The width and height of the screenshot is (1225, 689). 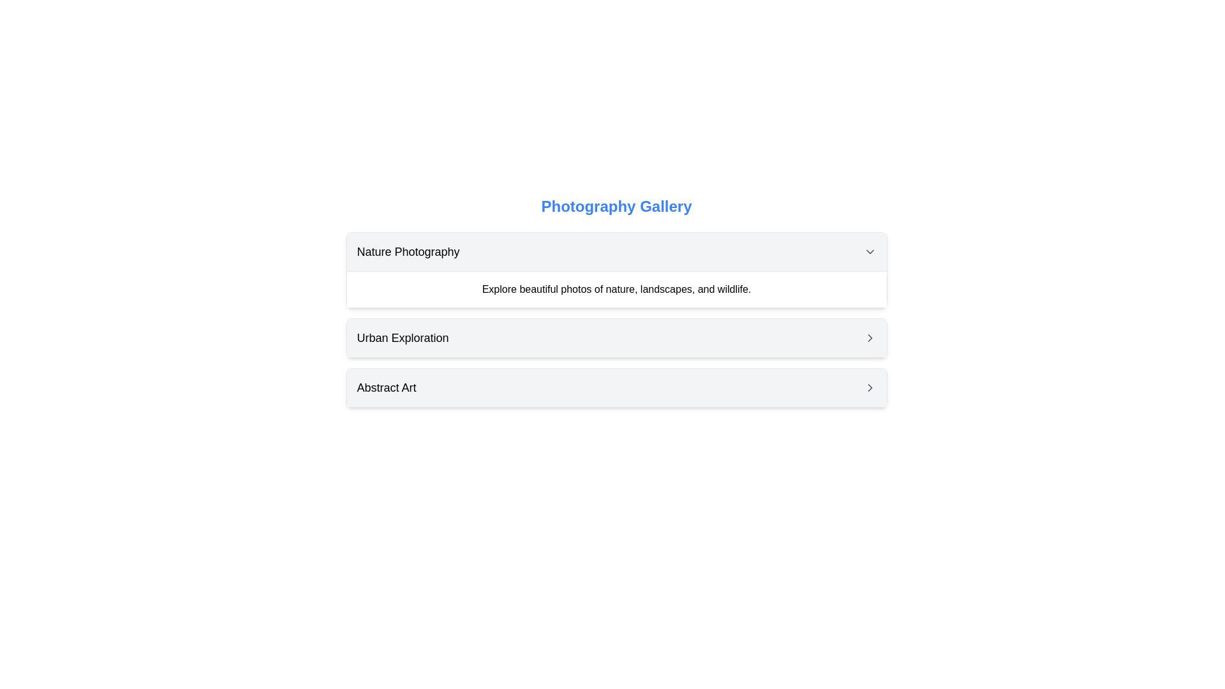 What do you see at coordinates (616, 387) in the screenshot?
I see `the 'Abstract Art' button with a light gray background, which is the last element in the Photography Gallery section, to trigger the visual hover effect` at bounding box center [616, 387].